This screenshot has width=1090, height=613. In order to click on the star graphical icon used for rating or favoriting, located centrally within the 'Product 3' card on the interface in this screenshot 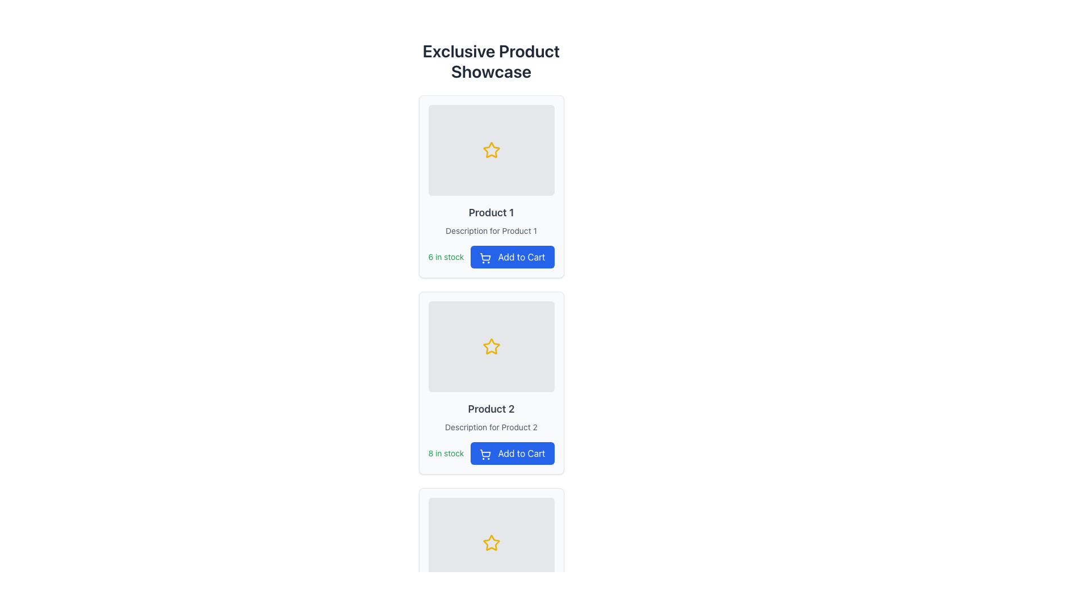, I will do `click(491, 542)`.